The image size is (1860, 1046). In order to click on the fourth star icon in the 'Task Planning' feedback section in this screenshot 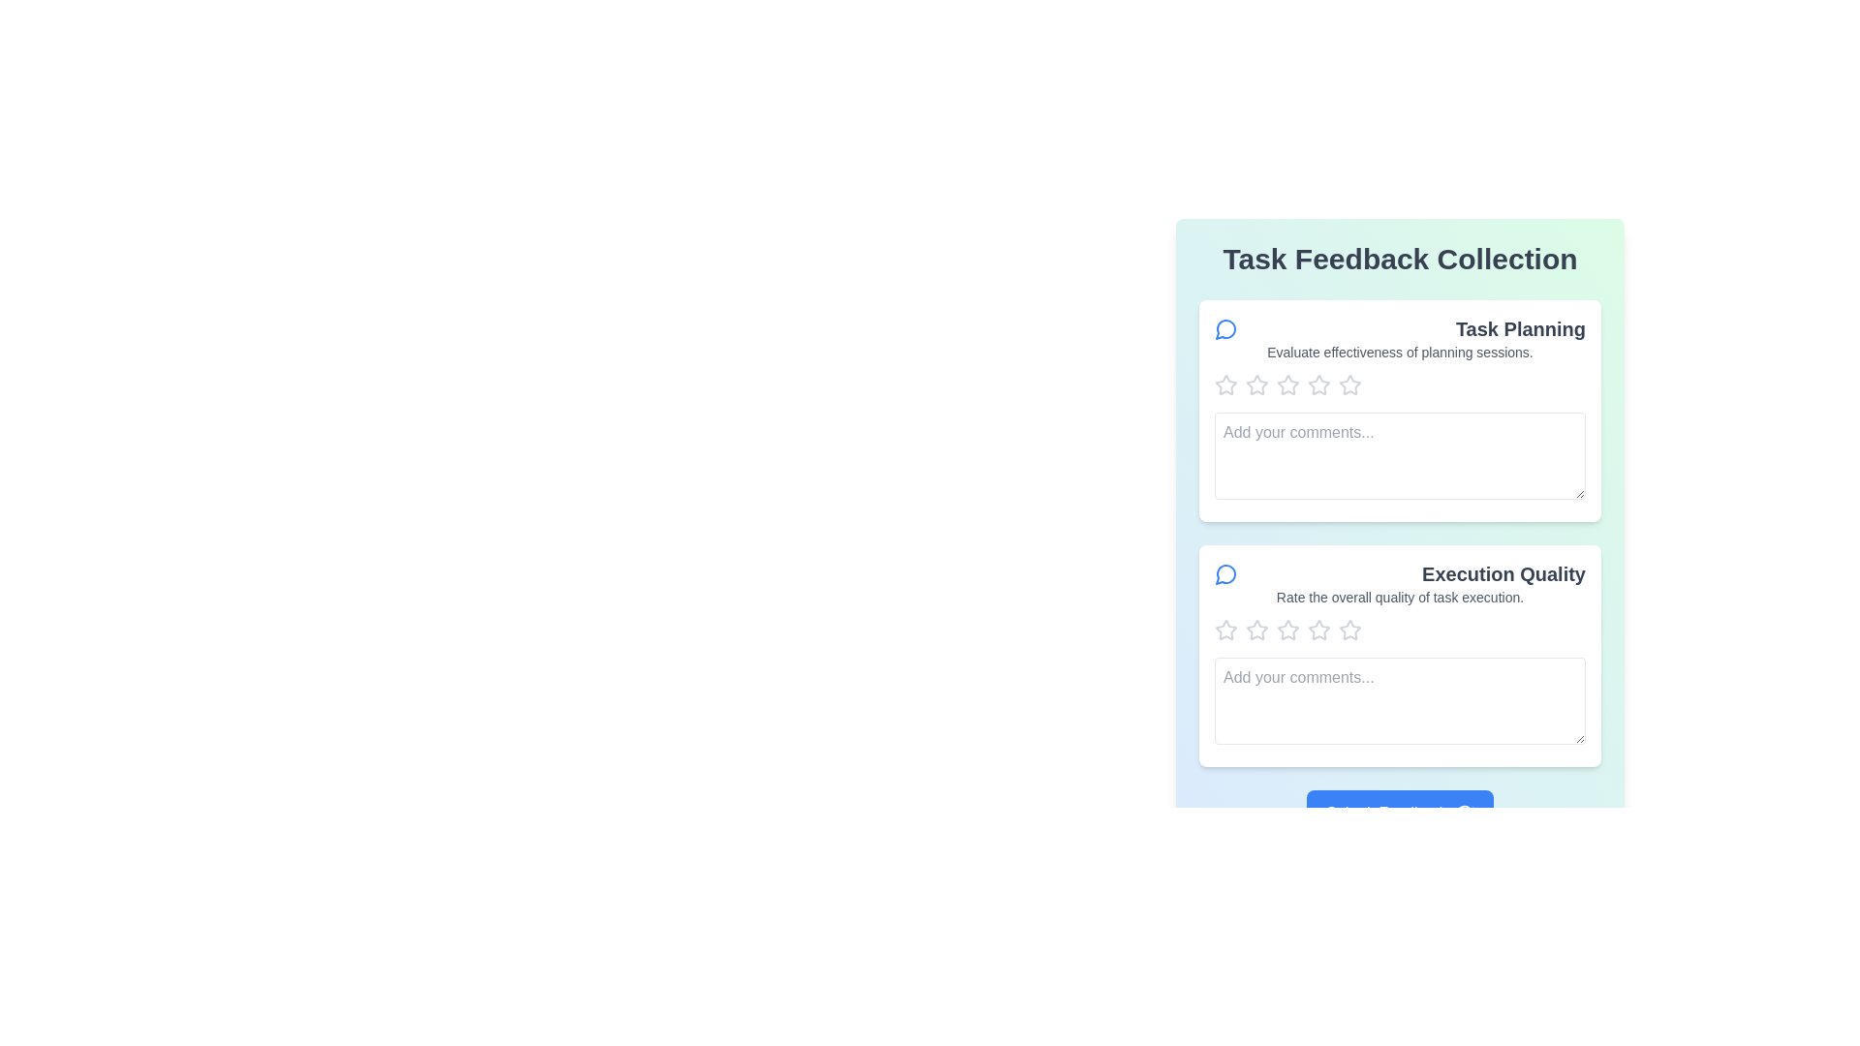, I will do `click(1348, 385)`.